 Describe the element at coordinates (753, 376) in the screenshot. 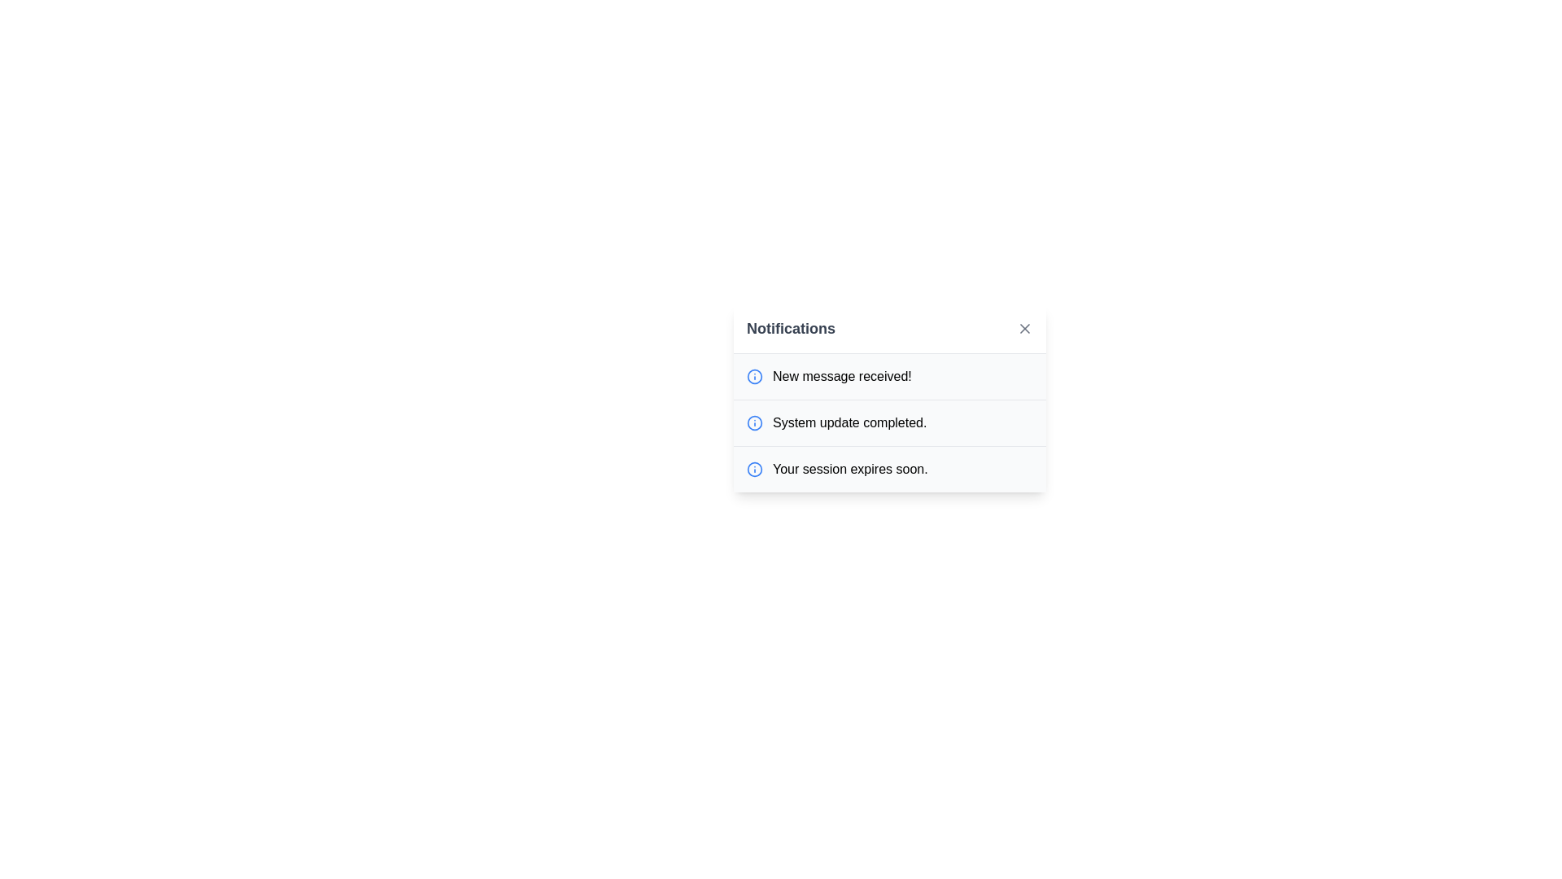

I see `the outermost circular component of the info icon located in the top-left corner of the notification card` at that location.